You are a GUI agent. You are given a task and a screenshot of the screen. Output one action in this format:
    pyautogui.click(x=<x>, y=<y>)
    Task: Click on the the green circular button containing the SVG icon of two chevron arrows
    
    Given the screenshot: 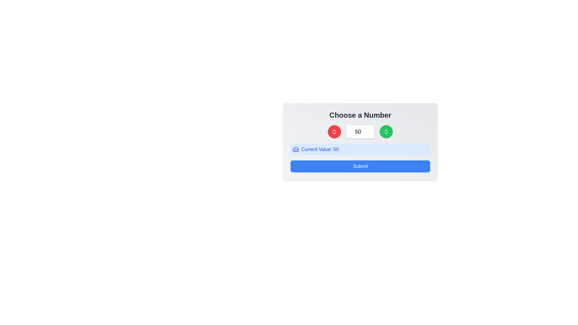 What is the action you would take?
    pyautogui.click(x=386, y=132)
    